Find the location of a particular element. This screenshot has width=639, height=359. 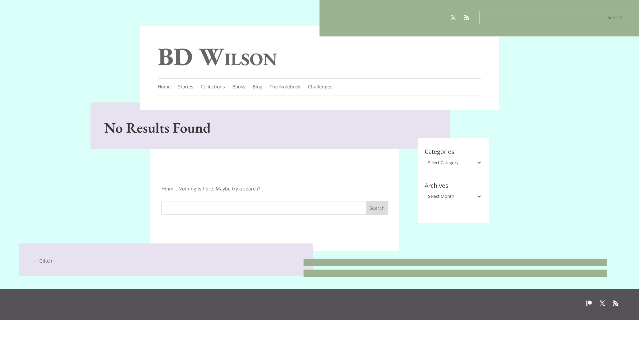

'Challenges' is located at coordinates (320, 88).